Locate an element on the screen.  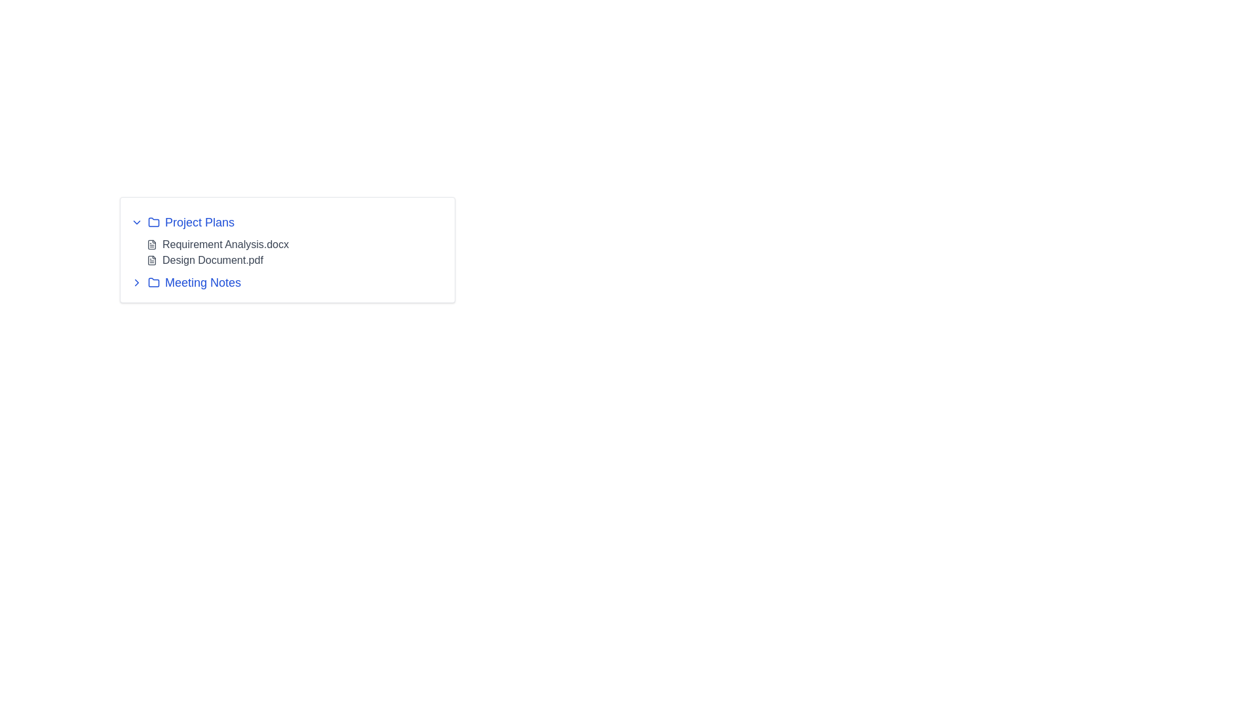
the text label displaying 'Design Document.pdf' is located at coordinates (212, 260).